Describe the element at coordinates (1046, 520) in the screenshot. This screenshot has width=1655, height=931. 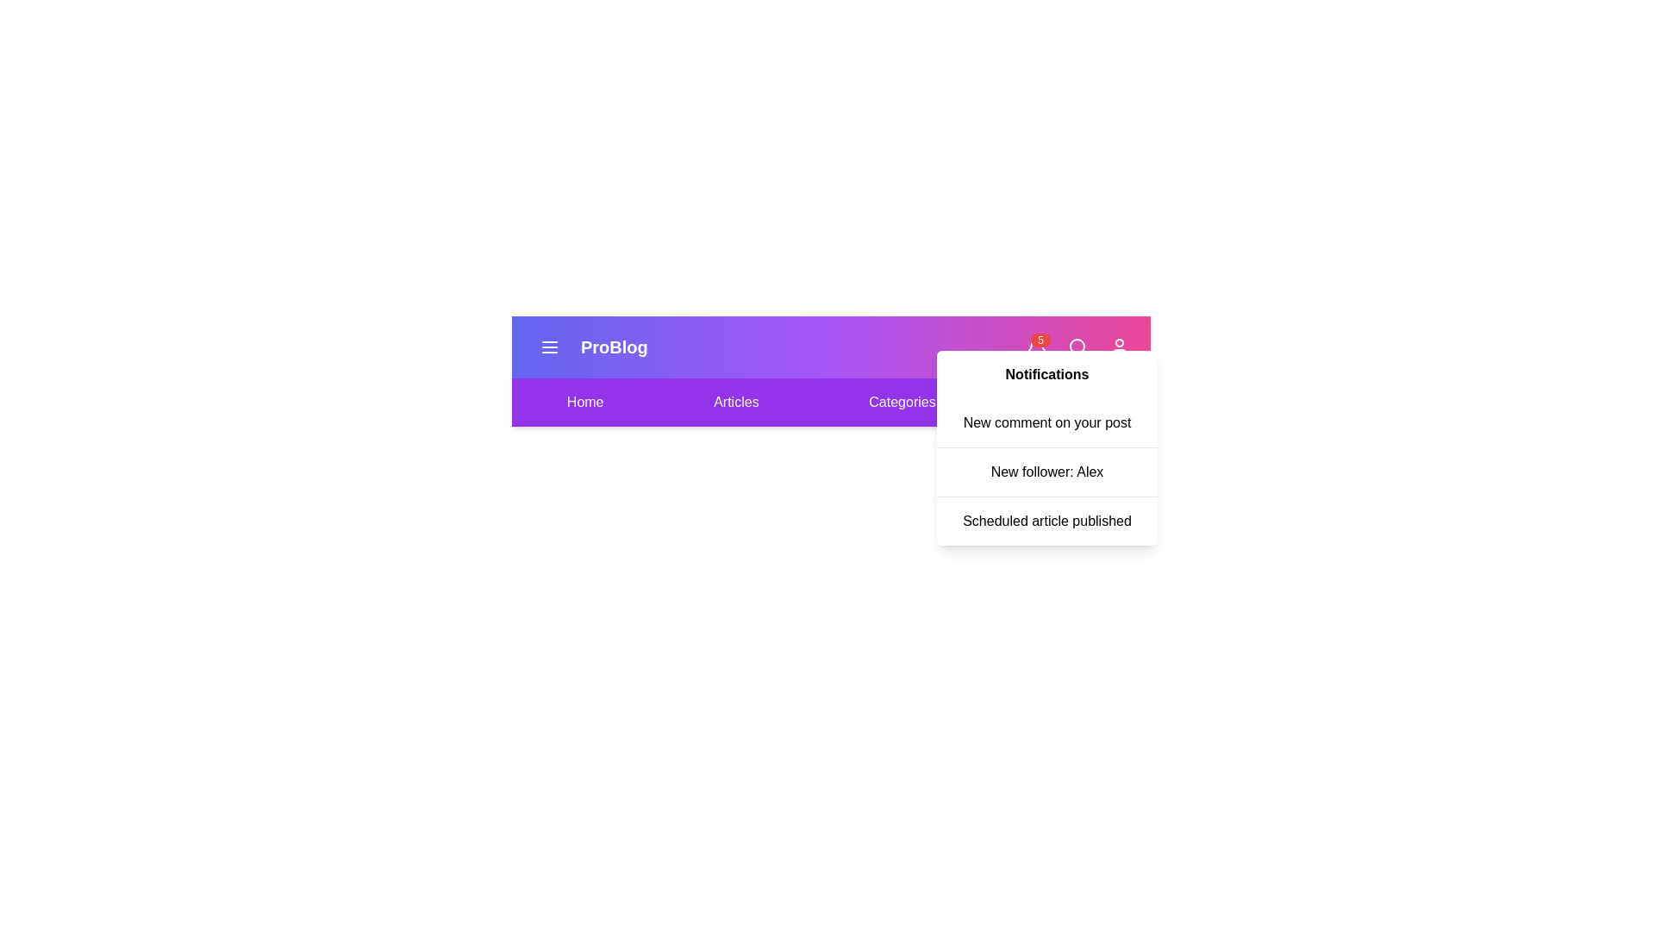
I see `the notification titled 'Scheduled article published' from the list` at that location.